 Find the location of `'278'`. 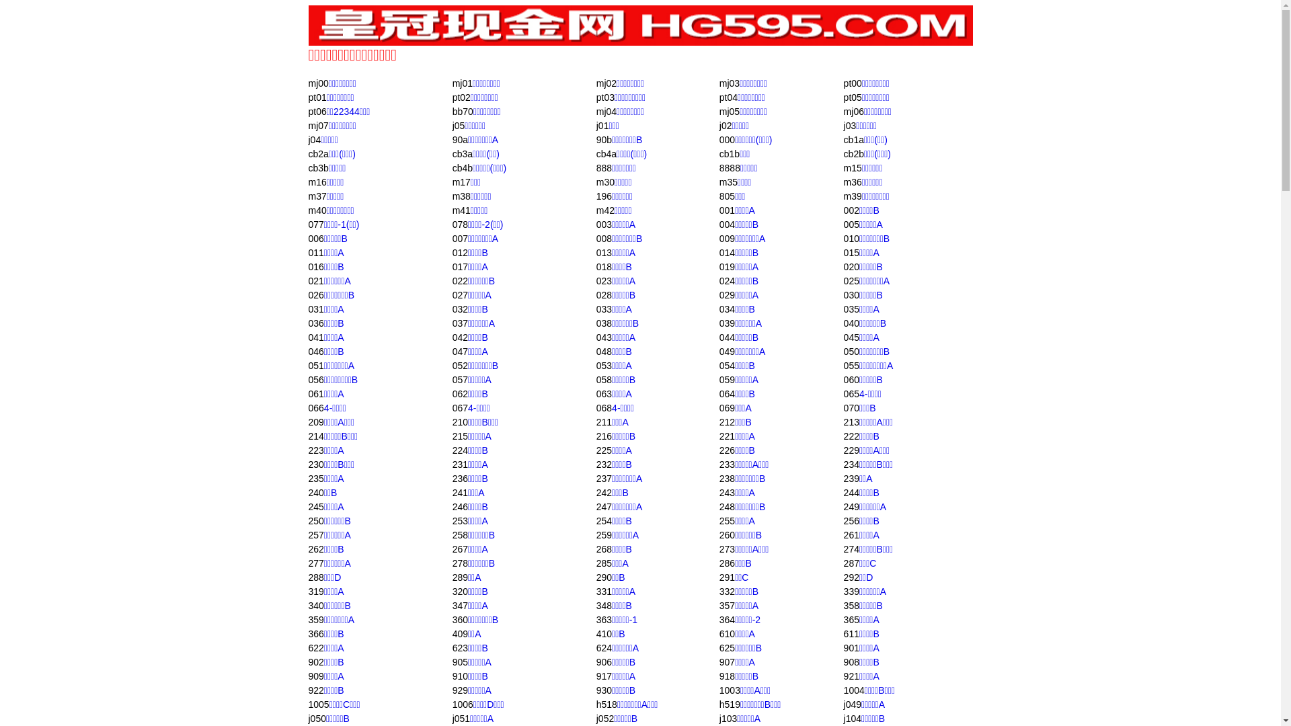

'278' is located at coordinates (460, 563).